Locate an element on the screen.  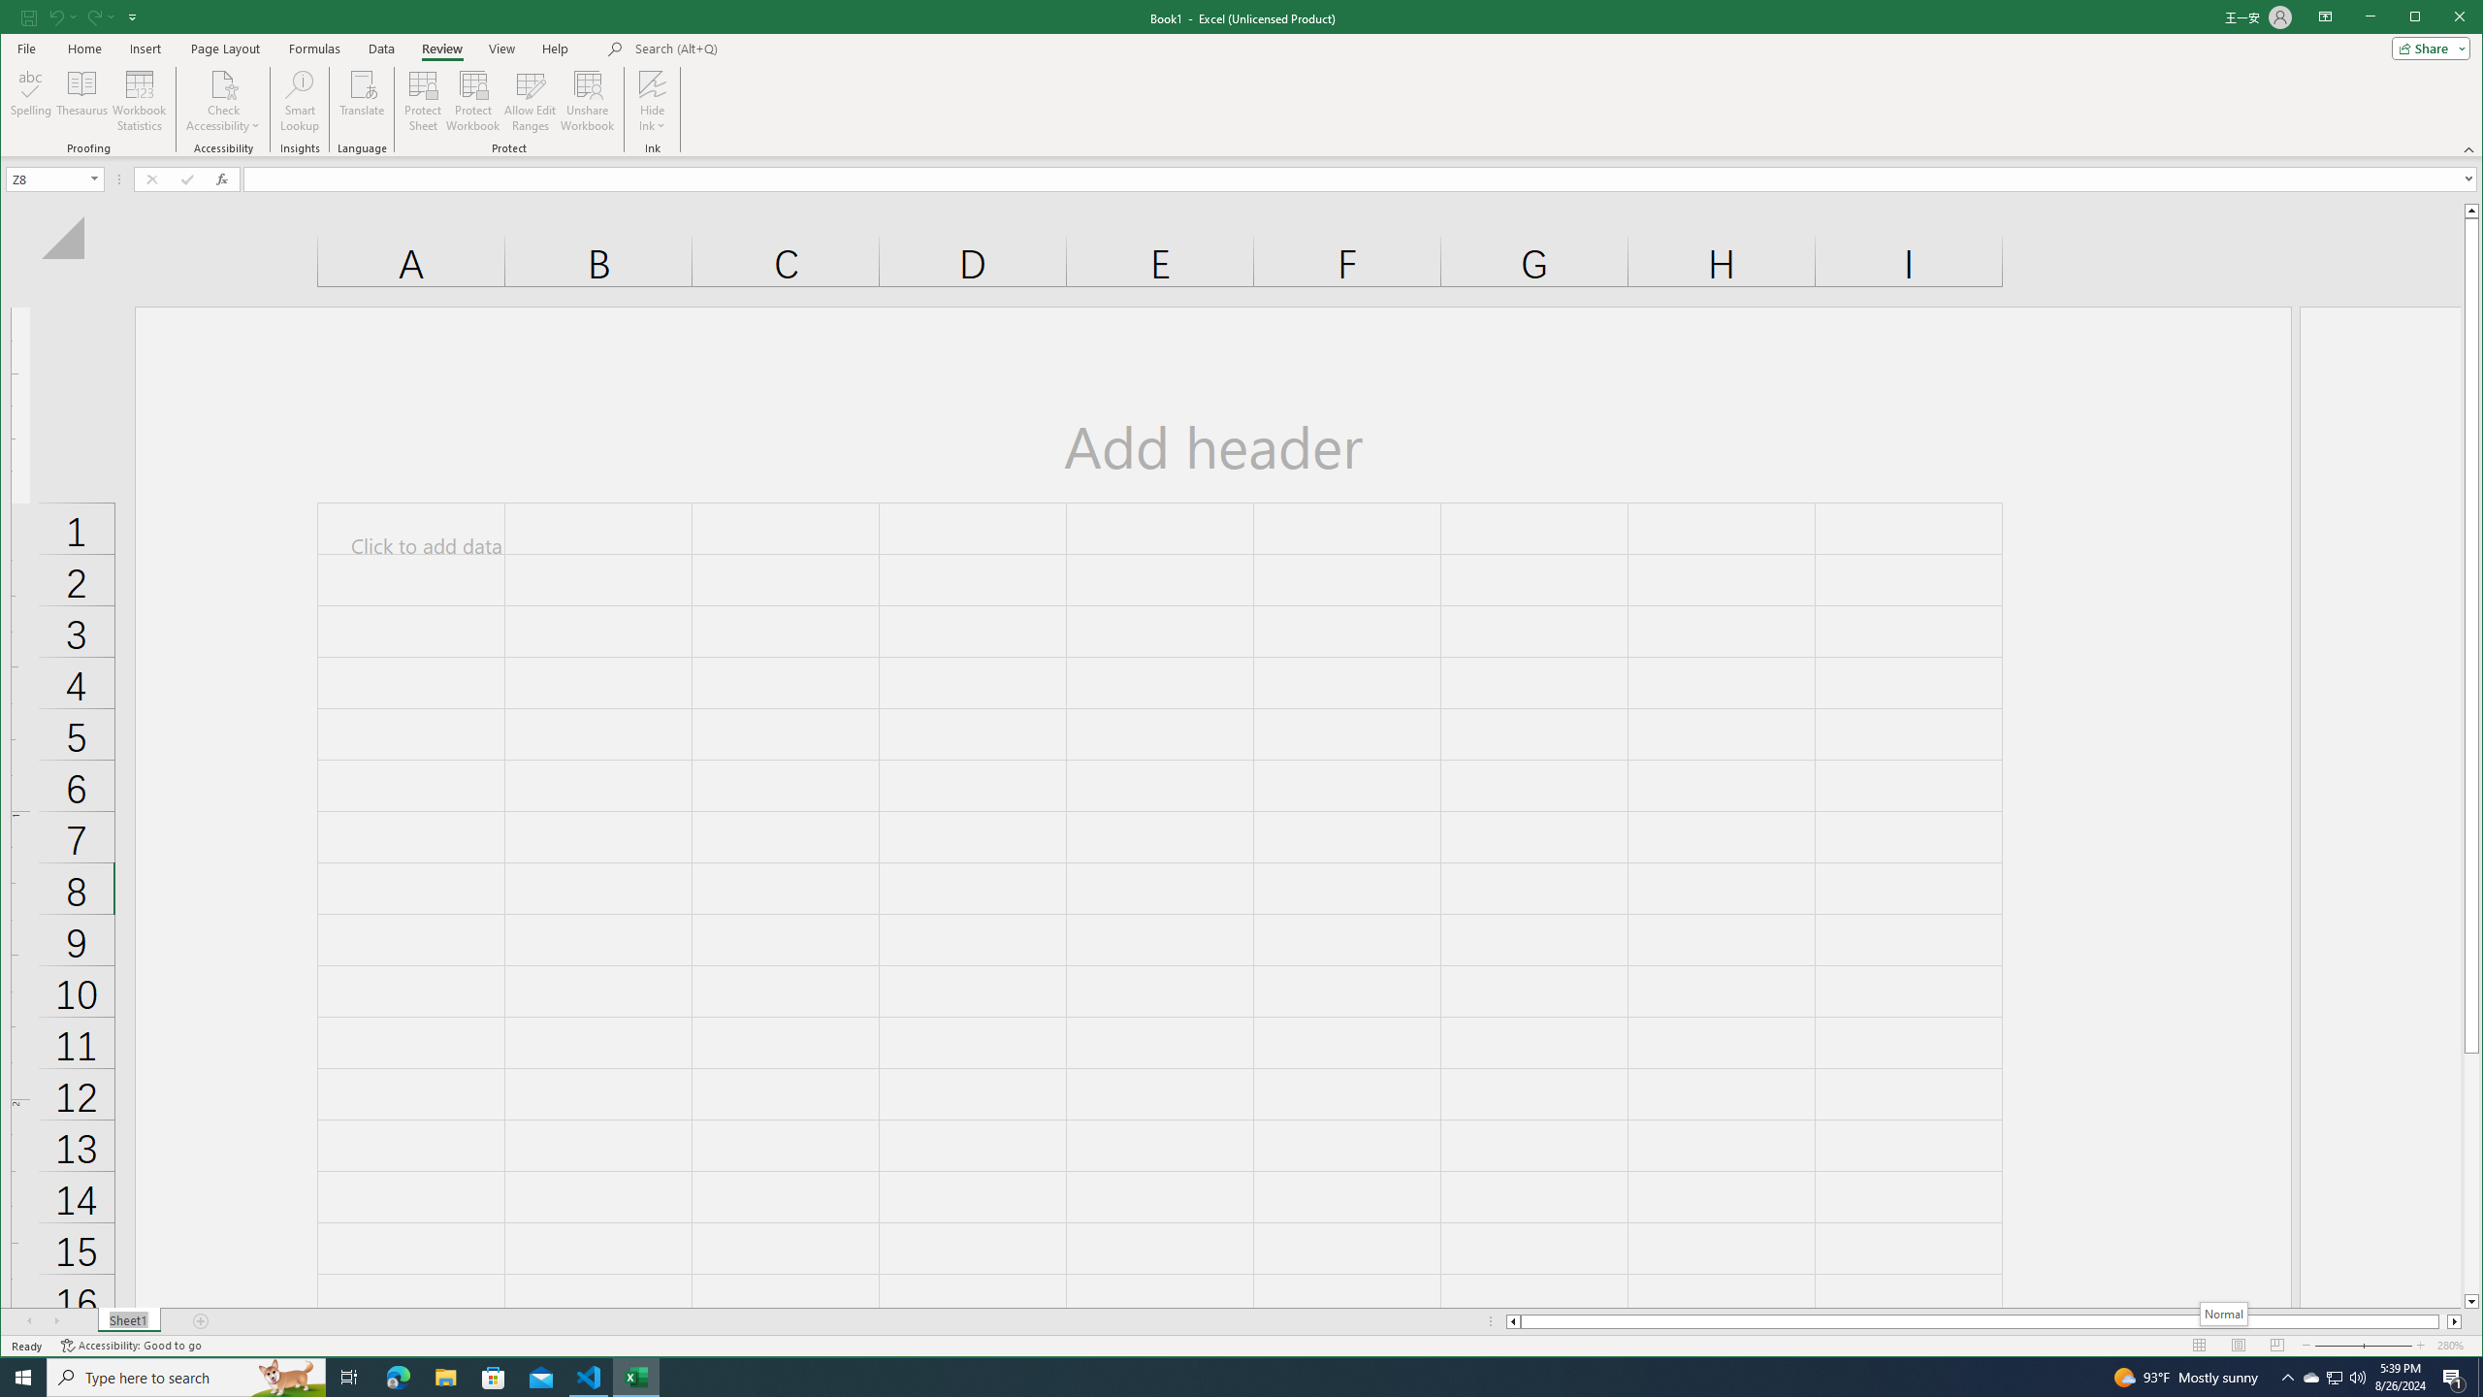
'Microsoft Store' is located at coordinates (494, 1376).